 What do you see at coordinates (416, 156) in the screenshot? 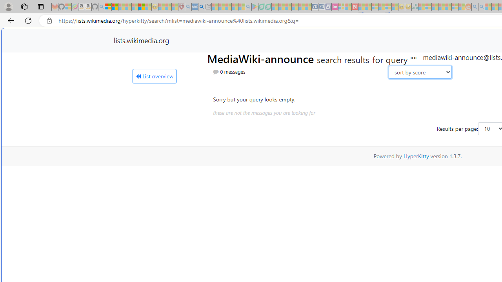
I see `'HyperKitty'` at bounding box center [416, 156].